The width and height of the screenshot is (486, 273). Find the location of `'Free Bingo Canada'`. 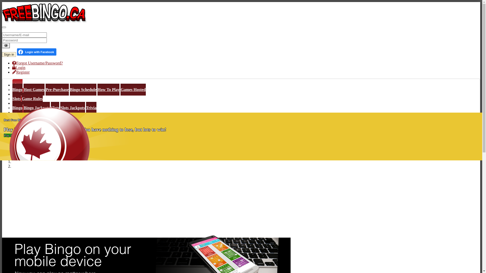

'Free Bingo Canada' is located at coordinates (46, 21).